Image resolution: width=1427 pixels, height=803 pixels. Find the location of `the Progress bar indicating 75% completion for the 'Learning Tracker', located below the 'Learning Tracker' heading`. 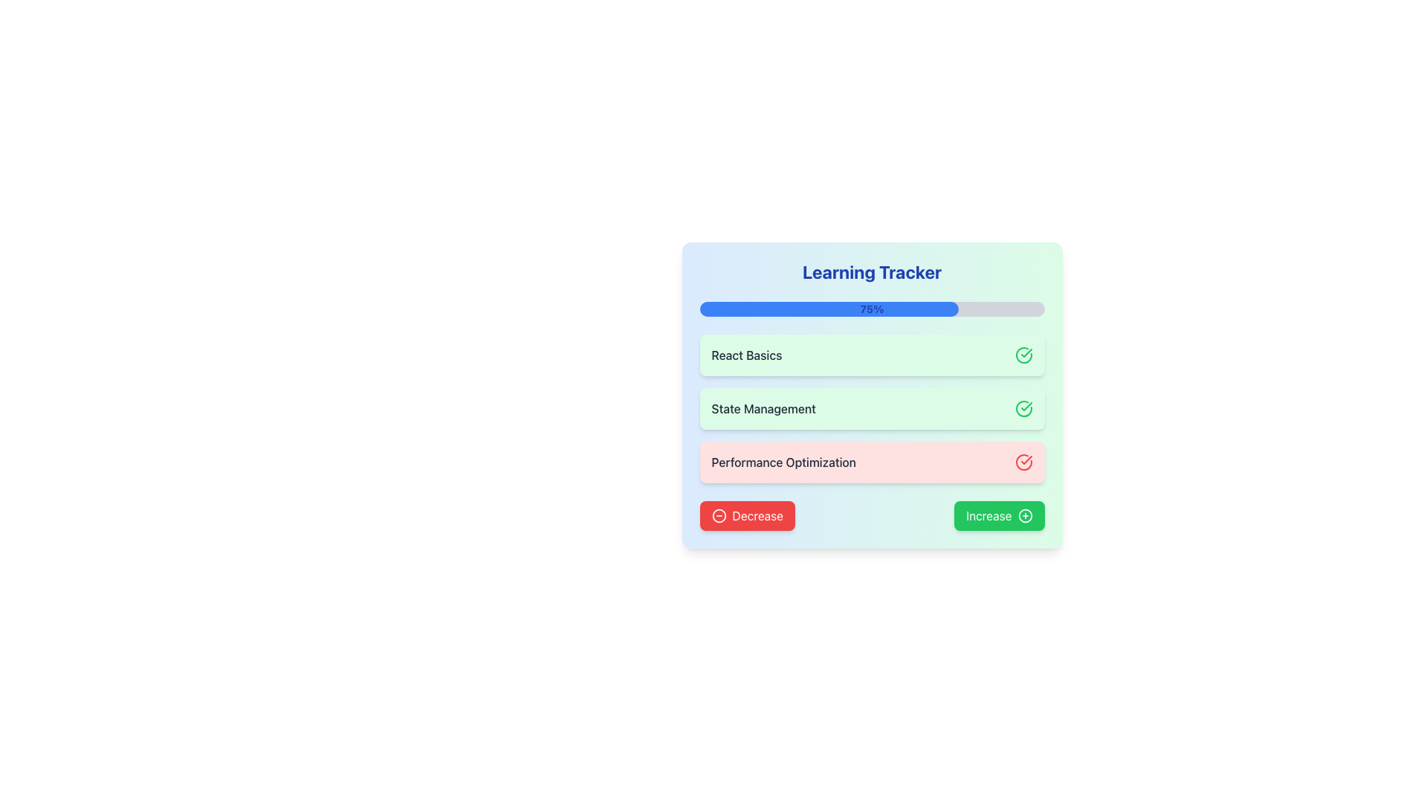

the Progress bar indicating 75% completion for the 'Learning Tracker', located below the 'Learning Tracker' heading is located at coordinates (828, 309).